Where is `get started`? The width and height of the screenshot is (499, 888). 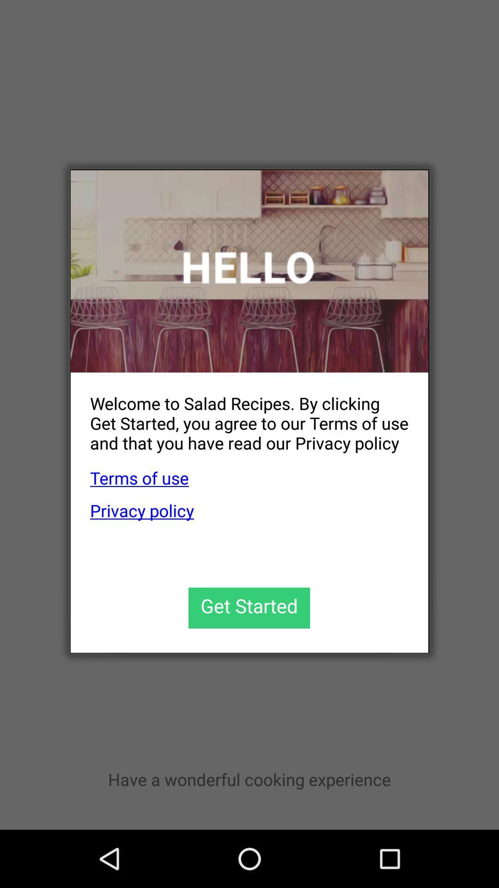
get started is located at coordinates (249, 608).